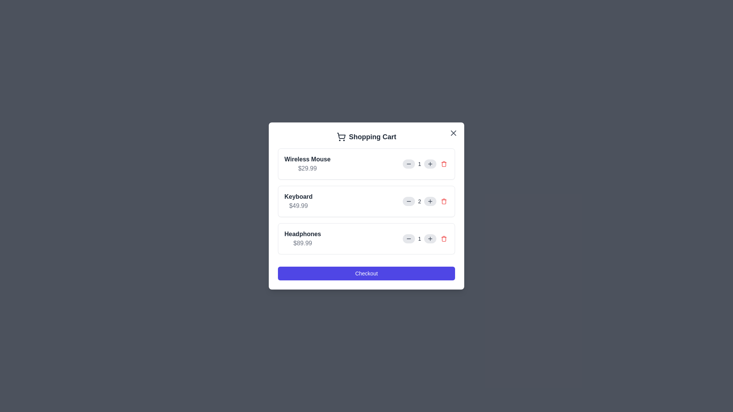 The image size is (733, 412). I want to click on the removal button for the 'Keyboard' item in the shopping cart interface, so click(444, 201).